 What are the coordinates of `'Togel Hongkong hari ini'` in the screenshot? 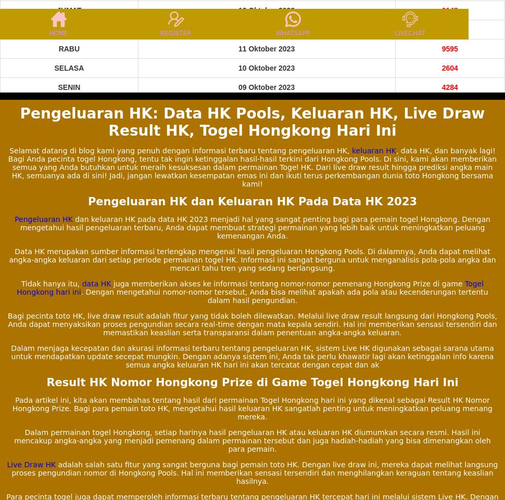 It's located at (249, 287).